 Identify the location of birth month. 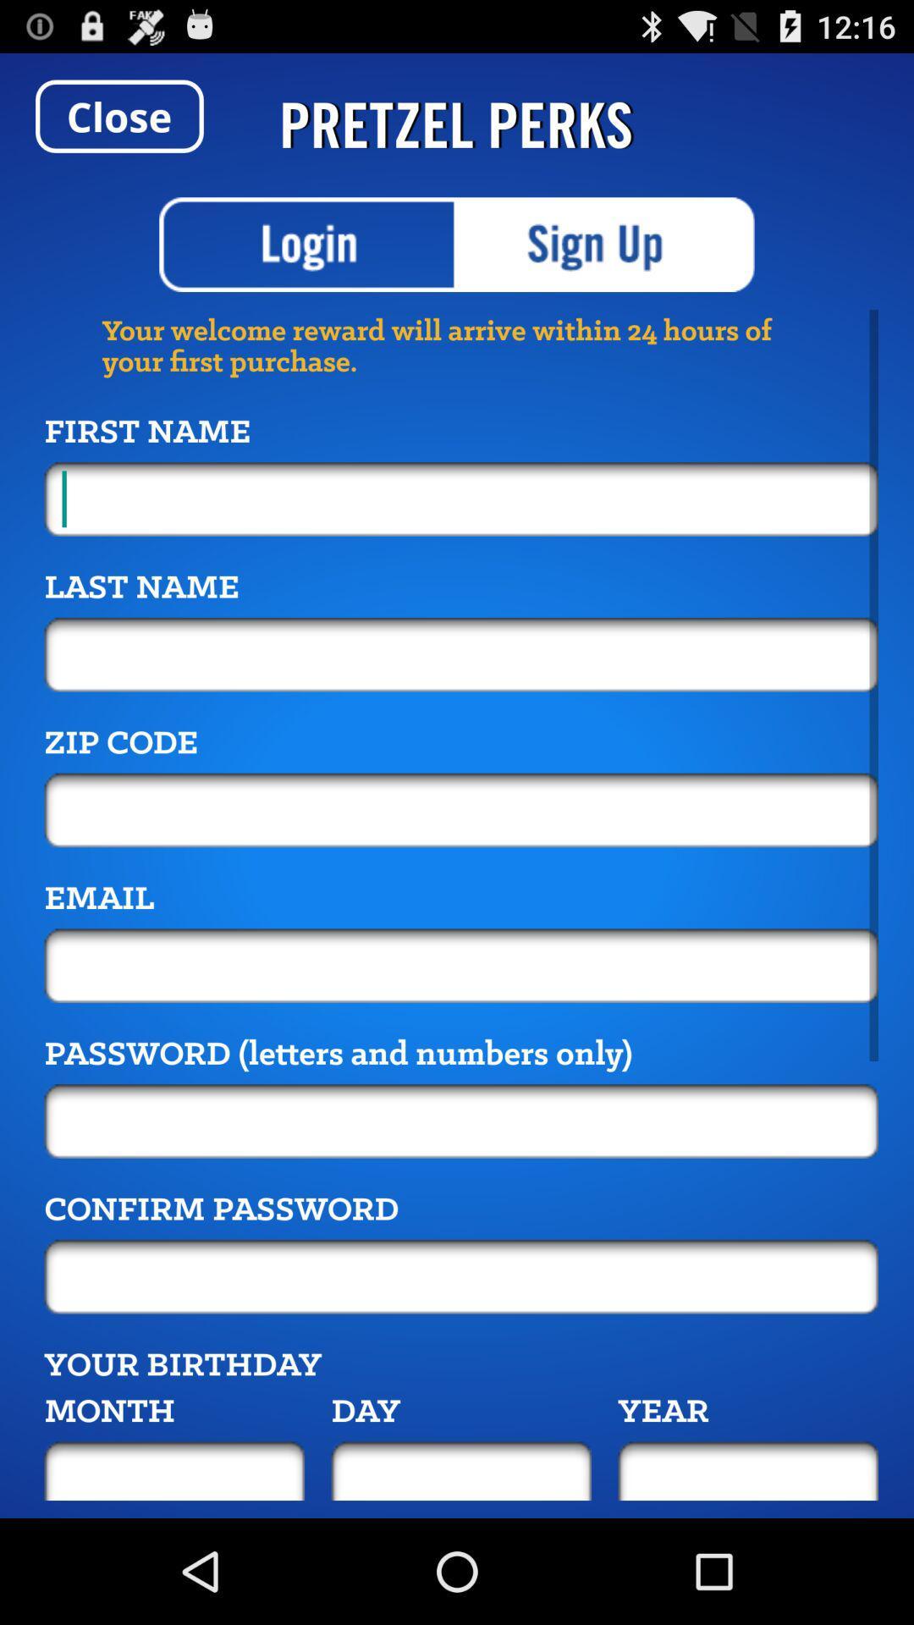
(174, 1470).